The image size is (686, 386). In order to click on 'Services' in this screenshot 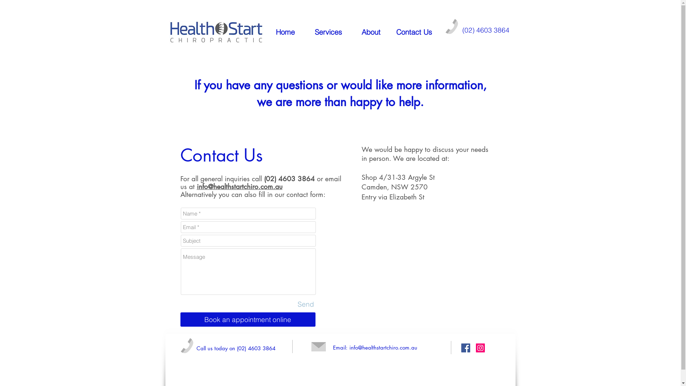, I will do `click(327, 31)`.